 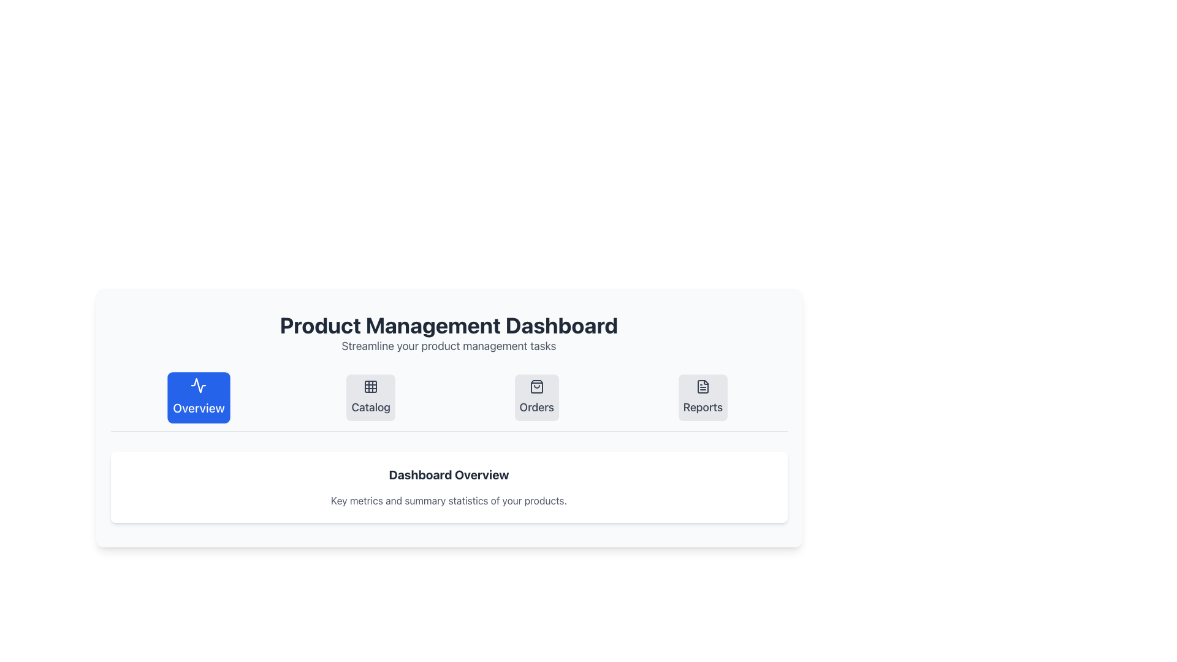 What do you see at coordinates (703, 407) in the screenshot?
I see `the 'Reports' text label, which is styled in gray and located beneath a document icon in the navigation menu` at bounding box center [703, 407].